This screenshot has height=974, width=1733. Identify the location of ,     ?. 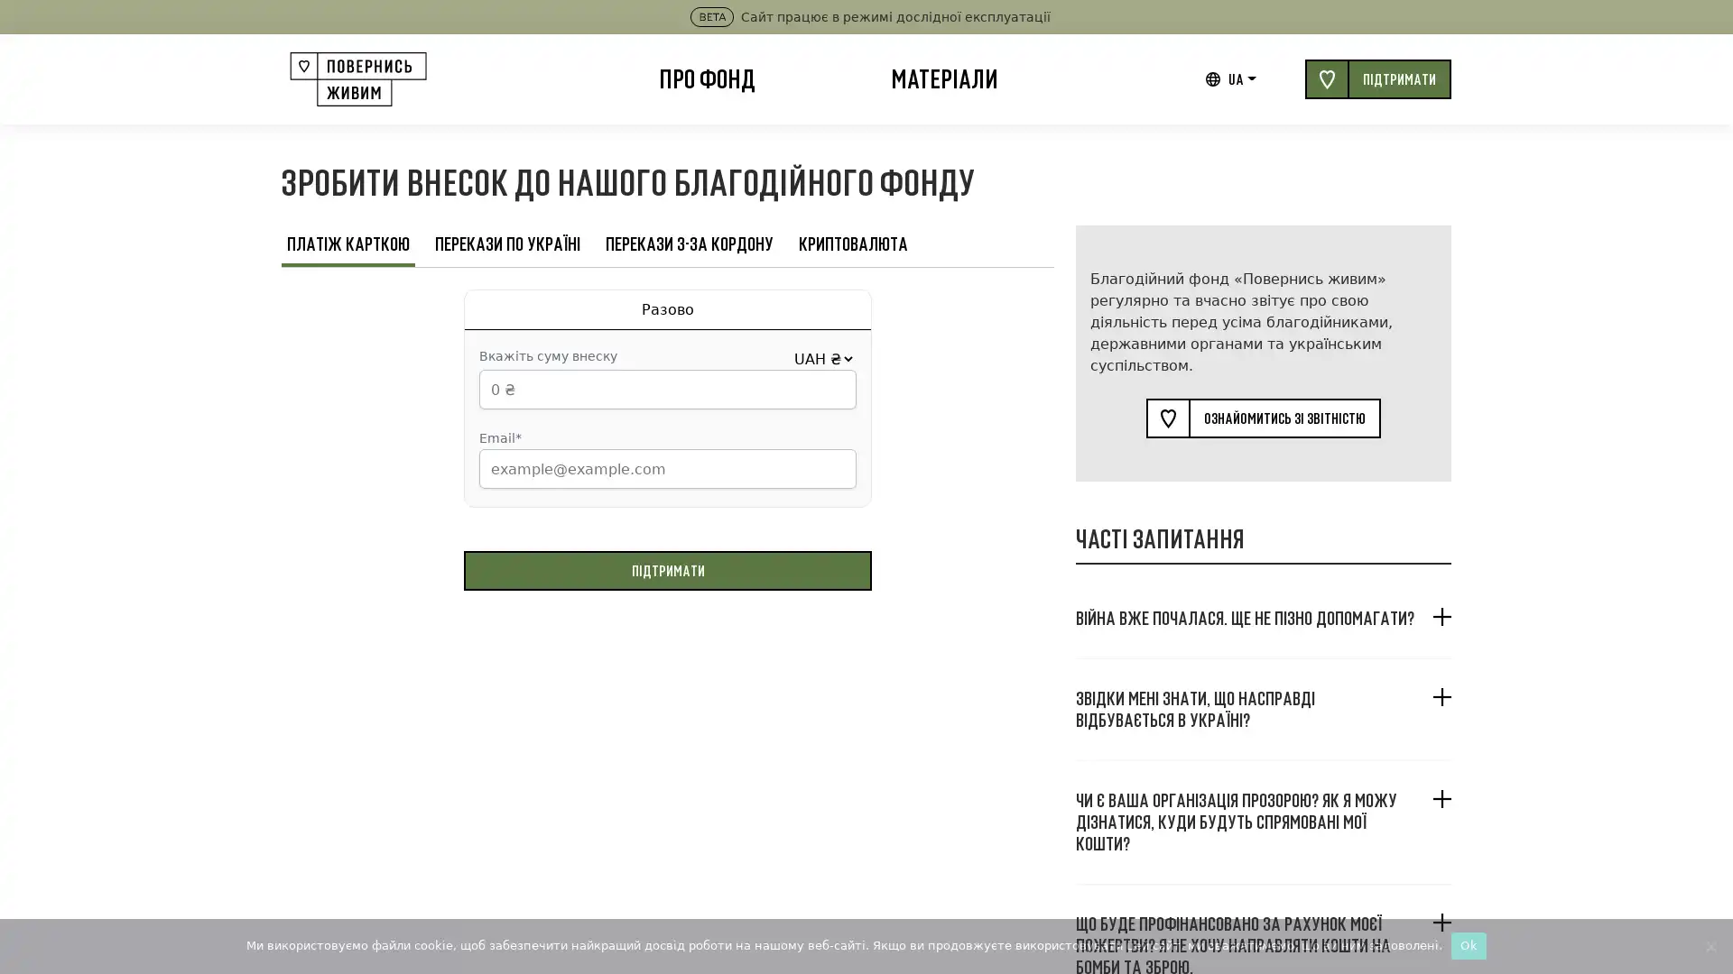
(1263, 708).